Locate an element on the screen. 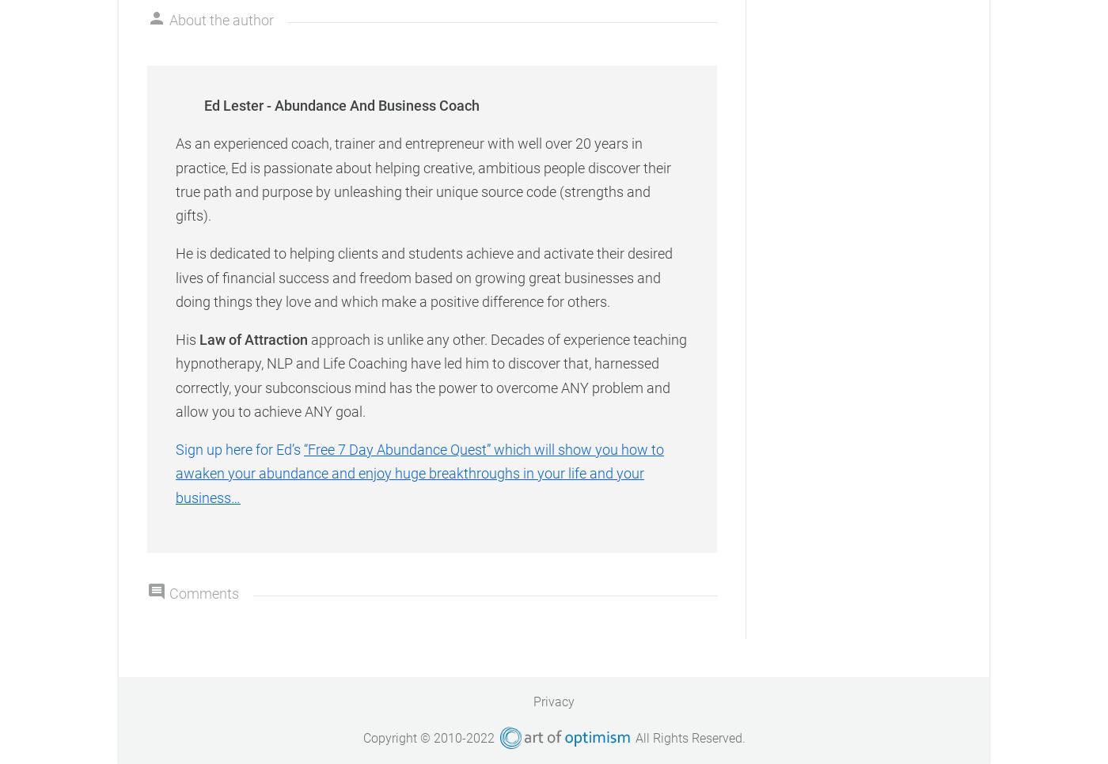 The image size is (1108, 764). '“Free 7 Day Abundance Quest” which will show you how to awaken your abundance and enjoy huge breakthroughs in your life and your business…' is located at coordinates (419, 473).